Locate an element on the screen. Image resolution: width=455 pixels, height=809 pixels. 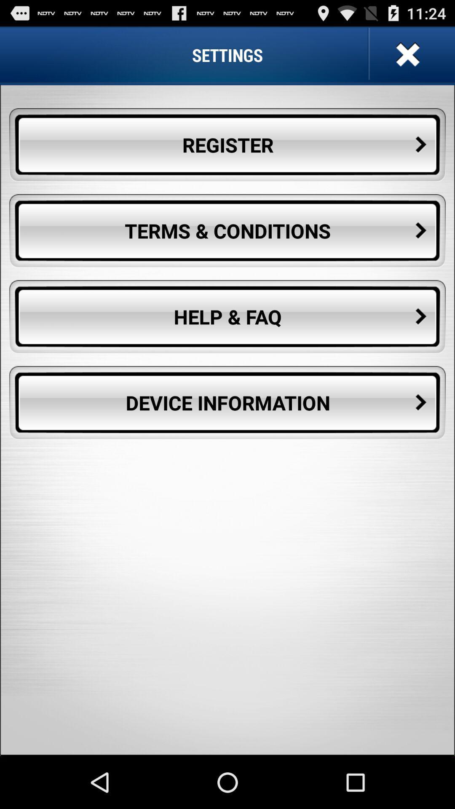
the terms & conditions is located at coordinates (227, 231).